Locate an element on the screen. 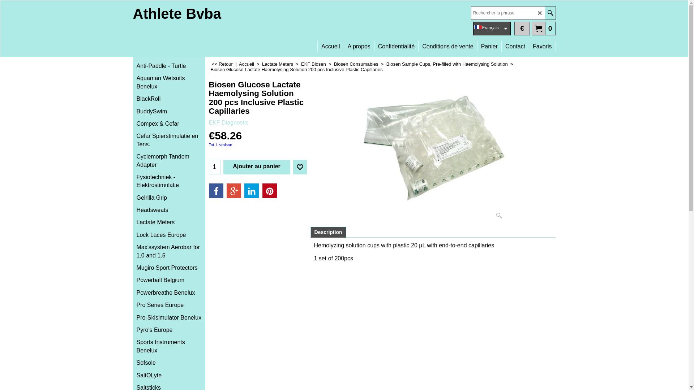 Image resolution: width=694 pixels, height=390 pixels. 'BlackRoll' is located at coordinates (169, 99).